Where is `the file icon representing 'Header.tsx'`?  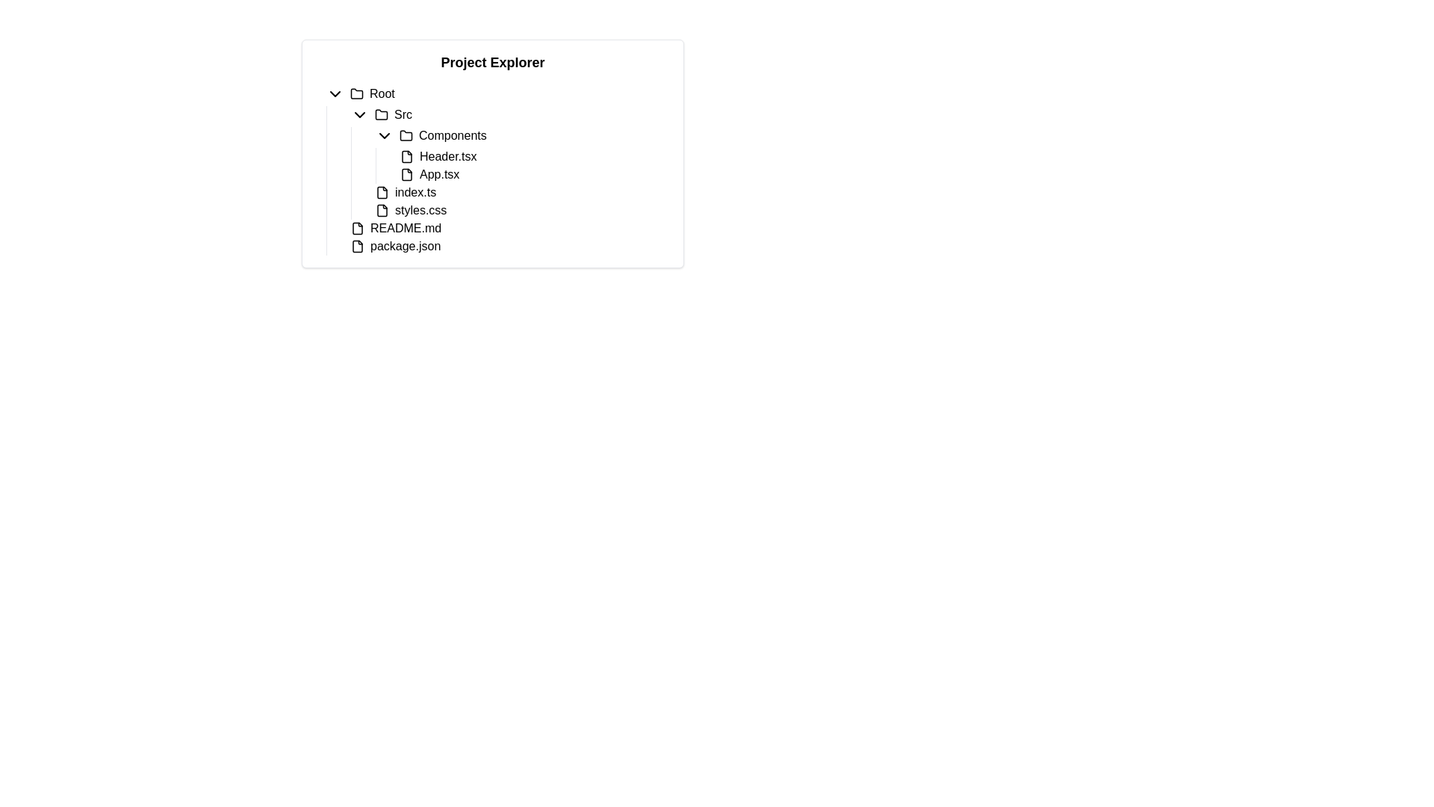
the file icon representing 'Header.tsx' is located at coordinates (407, 156).